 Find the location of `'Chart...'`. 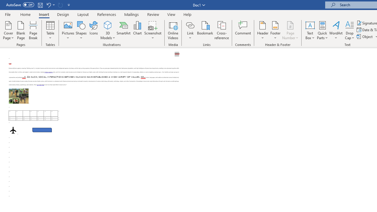

'Chart...' is located at coordinates (137, 30).